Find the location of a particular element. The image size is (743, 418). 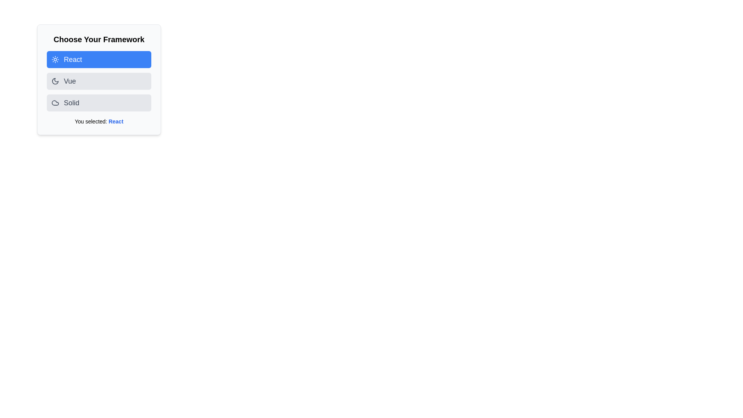

the React framework icon is located at coordinates (55, 59).